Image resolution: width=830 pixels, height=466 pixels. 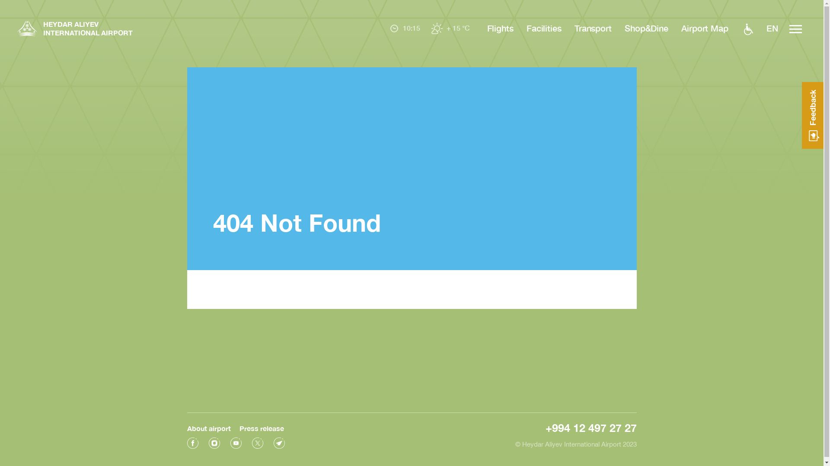 I want to click on 'Flights', so click(x=500, y=28).